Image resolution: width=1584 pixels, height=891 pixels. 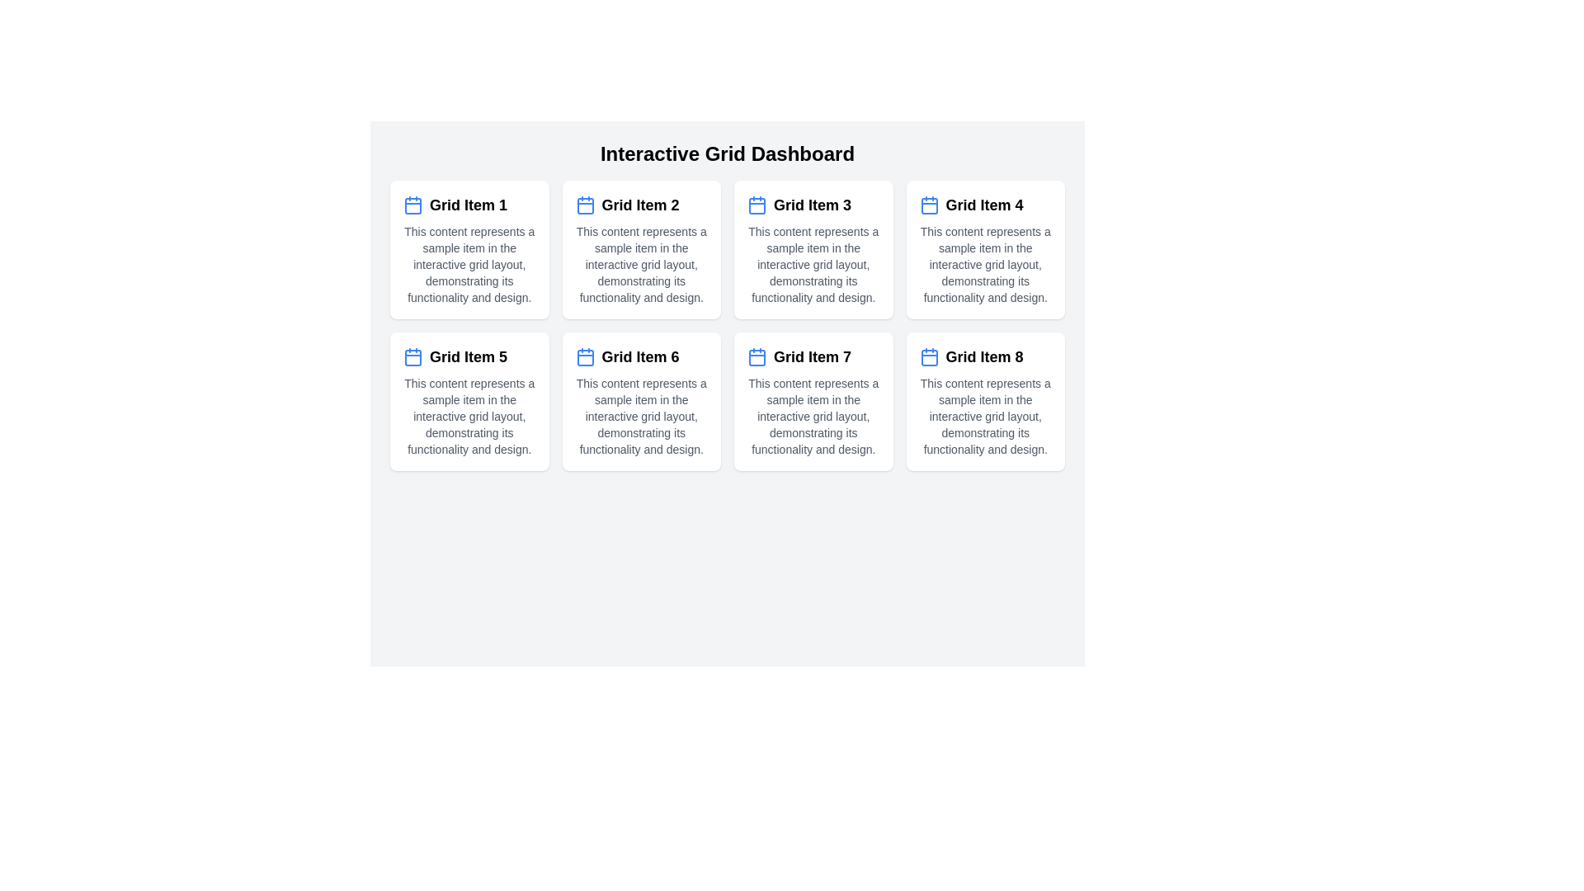 I want to click on the text content that describes 'This content represents a sample item in the interactive grid layout, demonstrating its functionality and design.' located in 'Grid Item 4', so click(x=985, y=263).